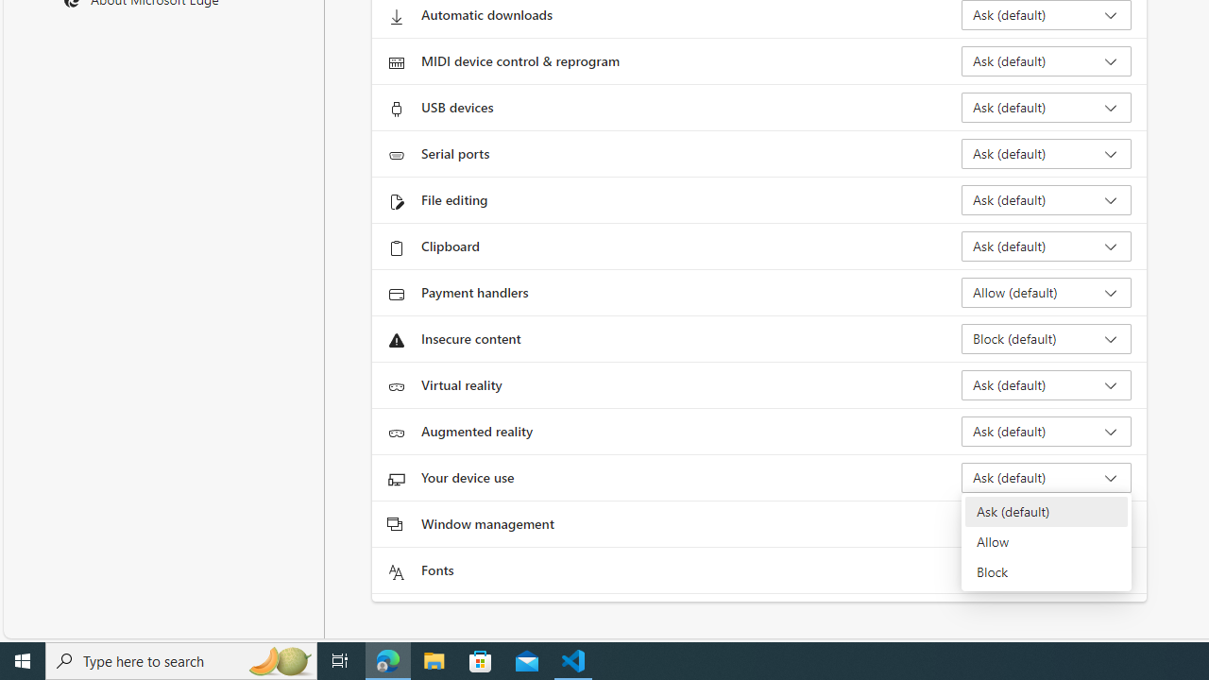 Image resolution: width=1209 pixels, height=680 pixels. What do you see at coordinates (1045, 337) in the screenshot?
I see `'Insecure content Block (default)'` at bounding box center [1045, 337].